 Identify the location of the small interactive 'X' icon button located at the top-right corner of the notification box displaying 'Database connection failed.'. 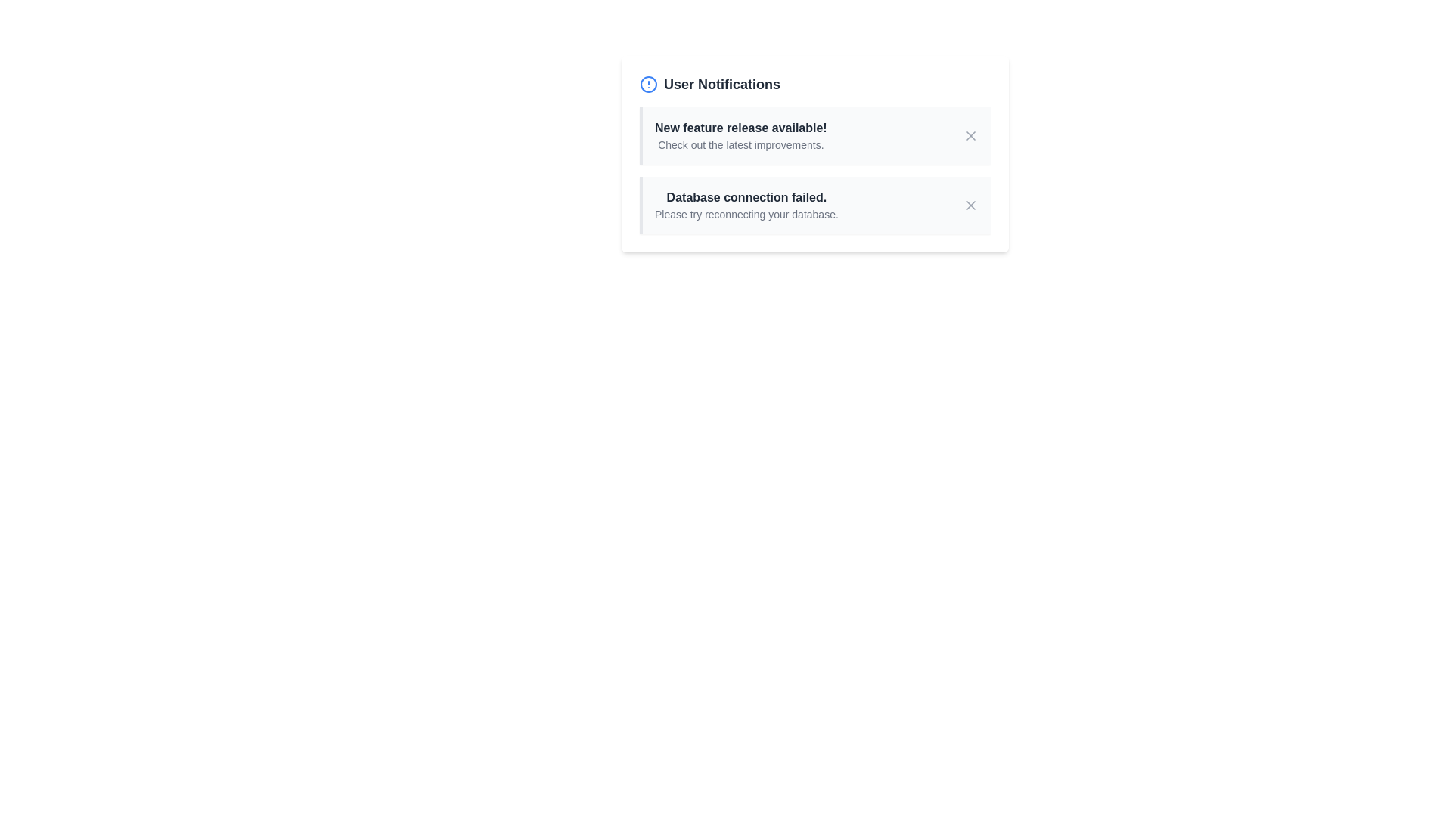
(970, 206).